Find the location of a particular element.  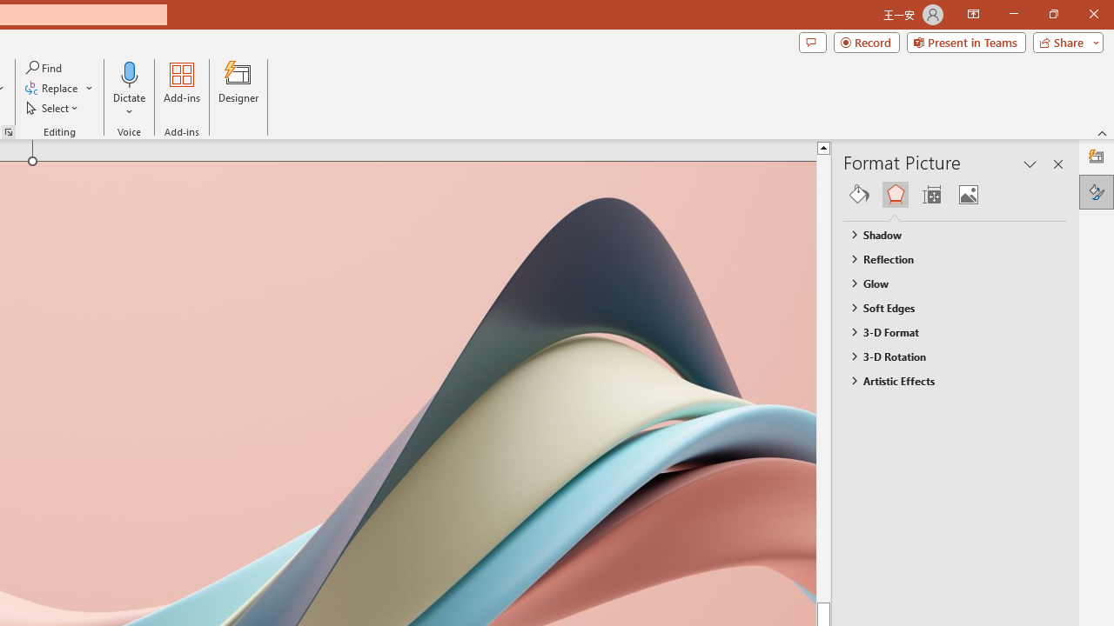

'Fill & Line' is located at coordinates (859, 194).